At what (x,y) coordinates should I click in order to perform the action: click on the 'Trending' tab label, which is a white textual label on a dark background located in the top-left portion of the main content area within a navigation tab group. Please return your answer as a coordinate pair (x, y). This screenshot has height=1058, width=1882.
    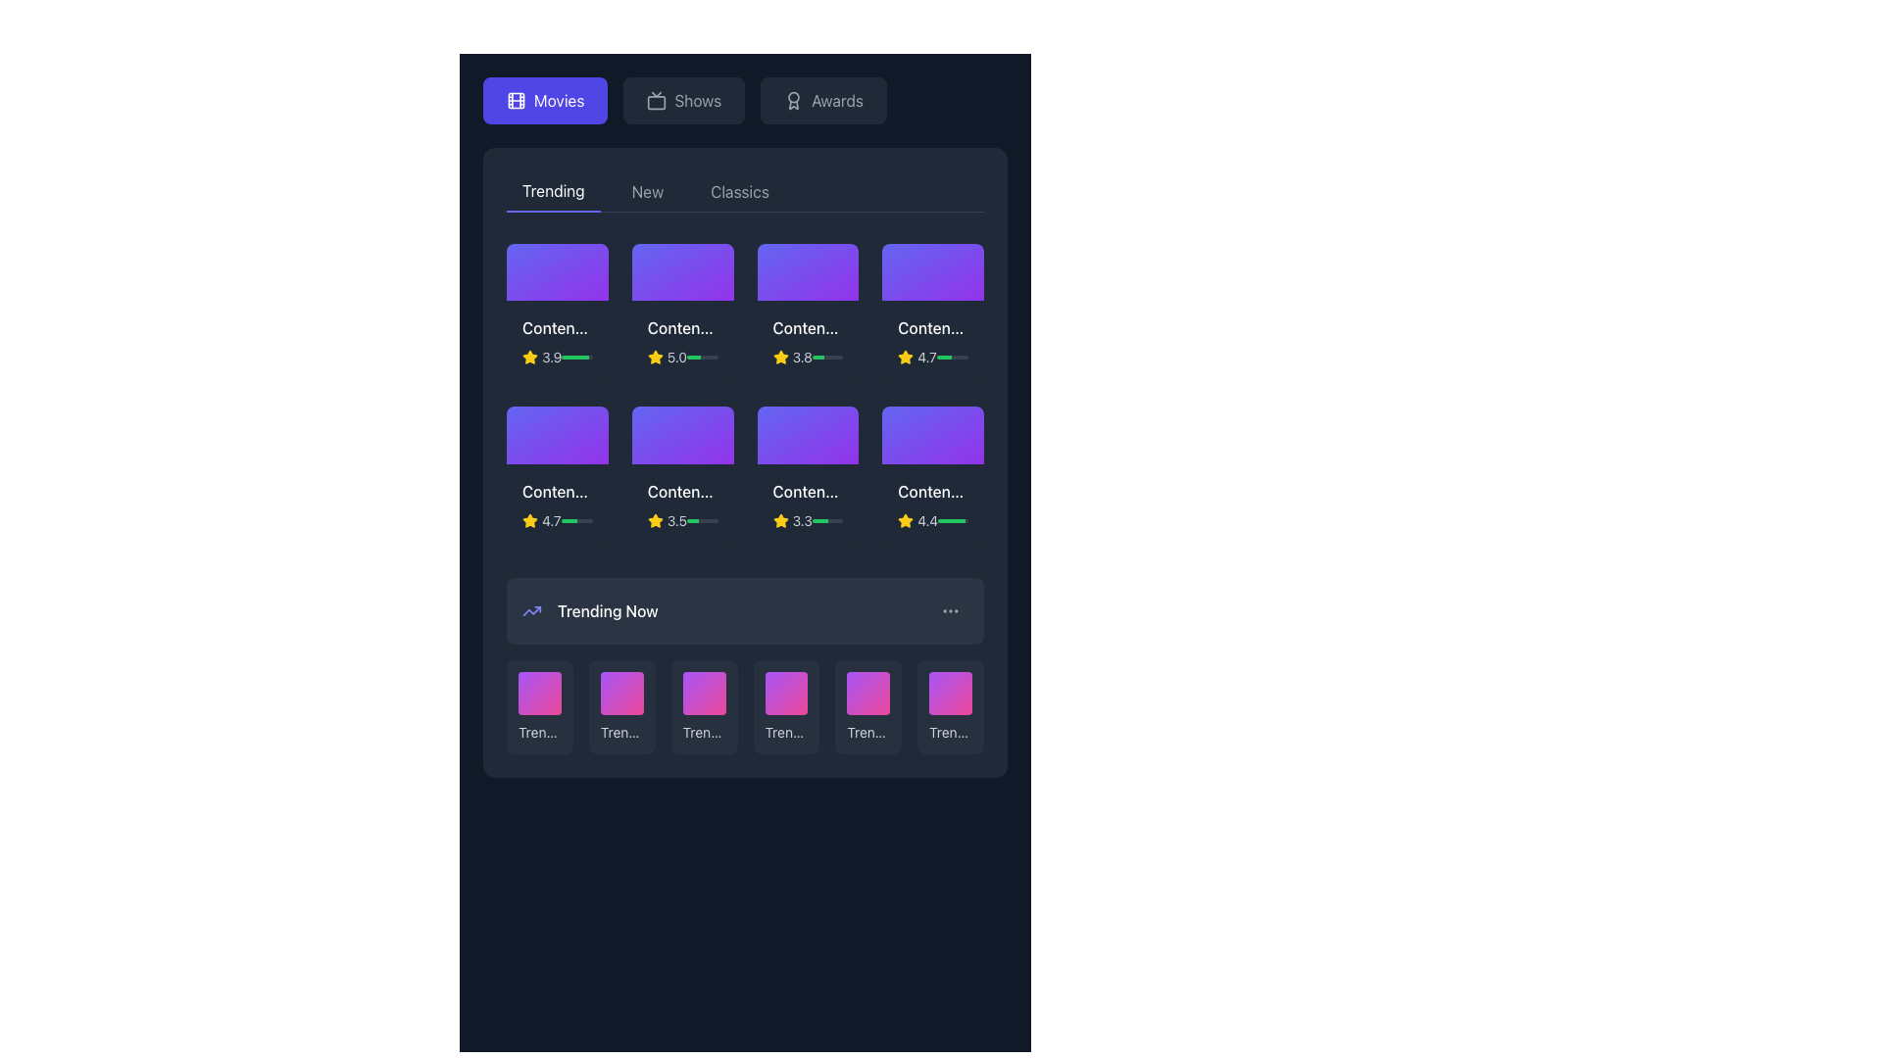
    Looking at the image, I should click on (552, 191).